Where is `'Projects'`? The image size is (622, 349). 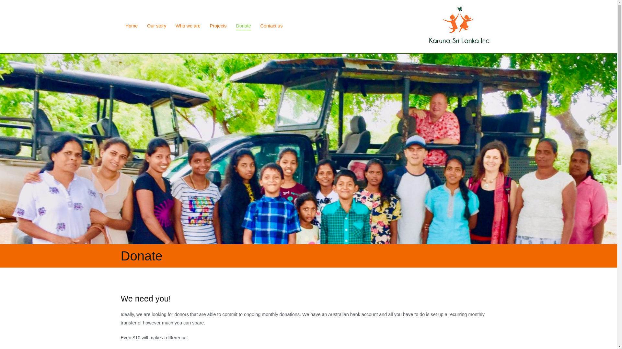
'Projects' is located at coordinates (218, 26).